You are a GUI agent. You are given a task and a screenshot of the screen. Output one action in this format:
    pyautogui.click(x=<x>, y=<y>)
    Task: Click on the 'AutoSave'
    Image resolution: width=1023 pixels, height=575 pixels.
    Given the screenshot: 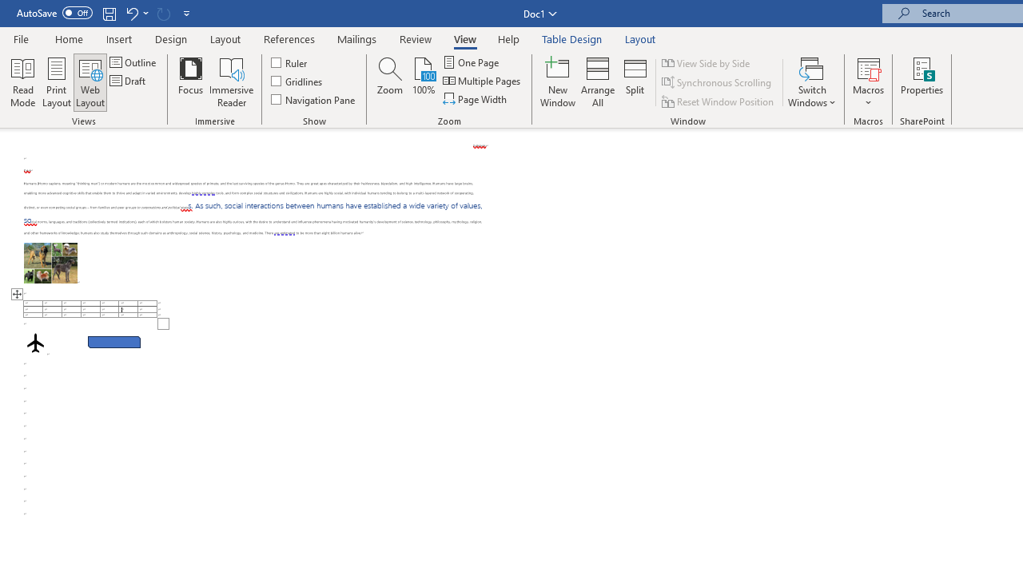 What is the action you would take?
    pyautogui.click(x=54, y=13)
    